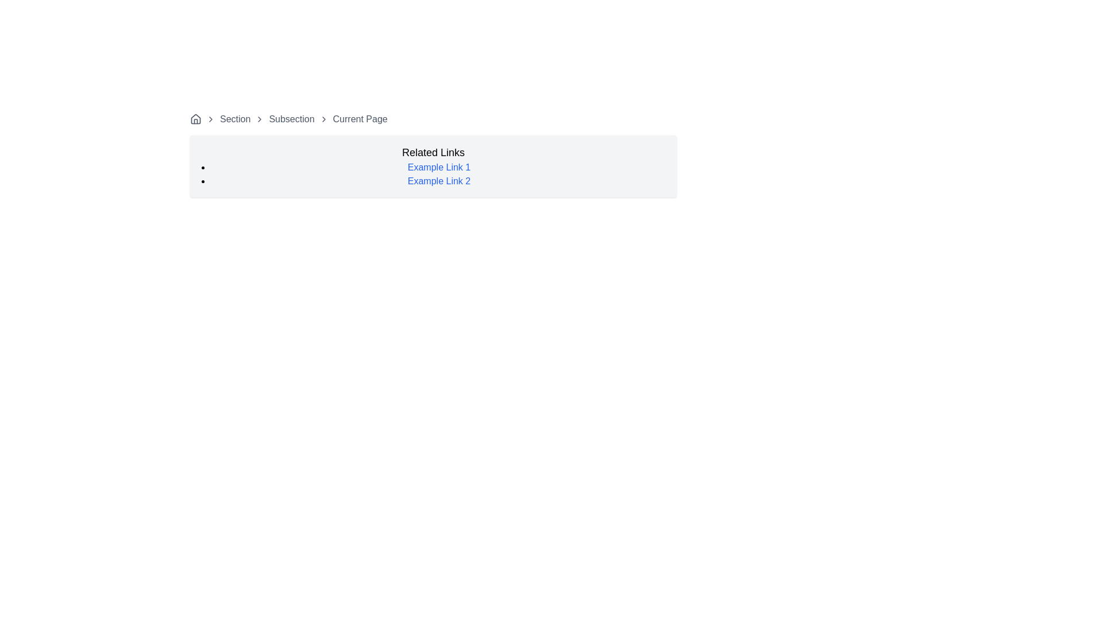 The height and width of the screenshot is (620, 1103). I want to click on the small house icon representing a home link in the breadcrumb navigation bar, so click(195, 119).